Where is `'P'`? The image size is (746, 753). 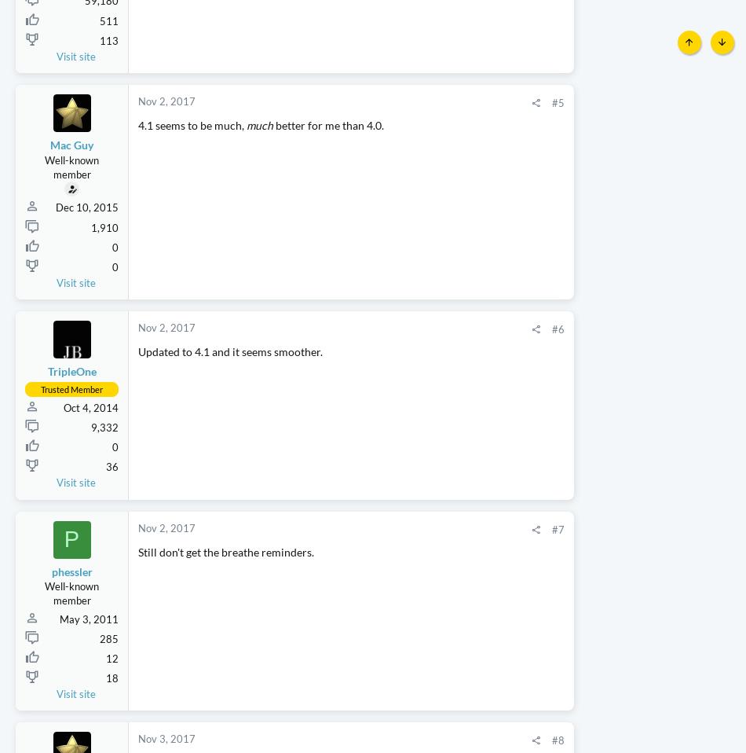 'P' is located at coordinates (71, 584).